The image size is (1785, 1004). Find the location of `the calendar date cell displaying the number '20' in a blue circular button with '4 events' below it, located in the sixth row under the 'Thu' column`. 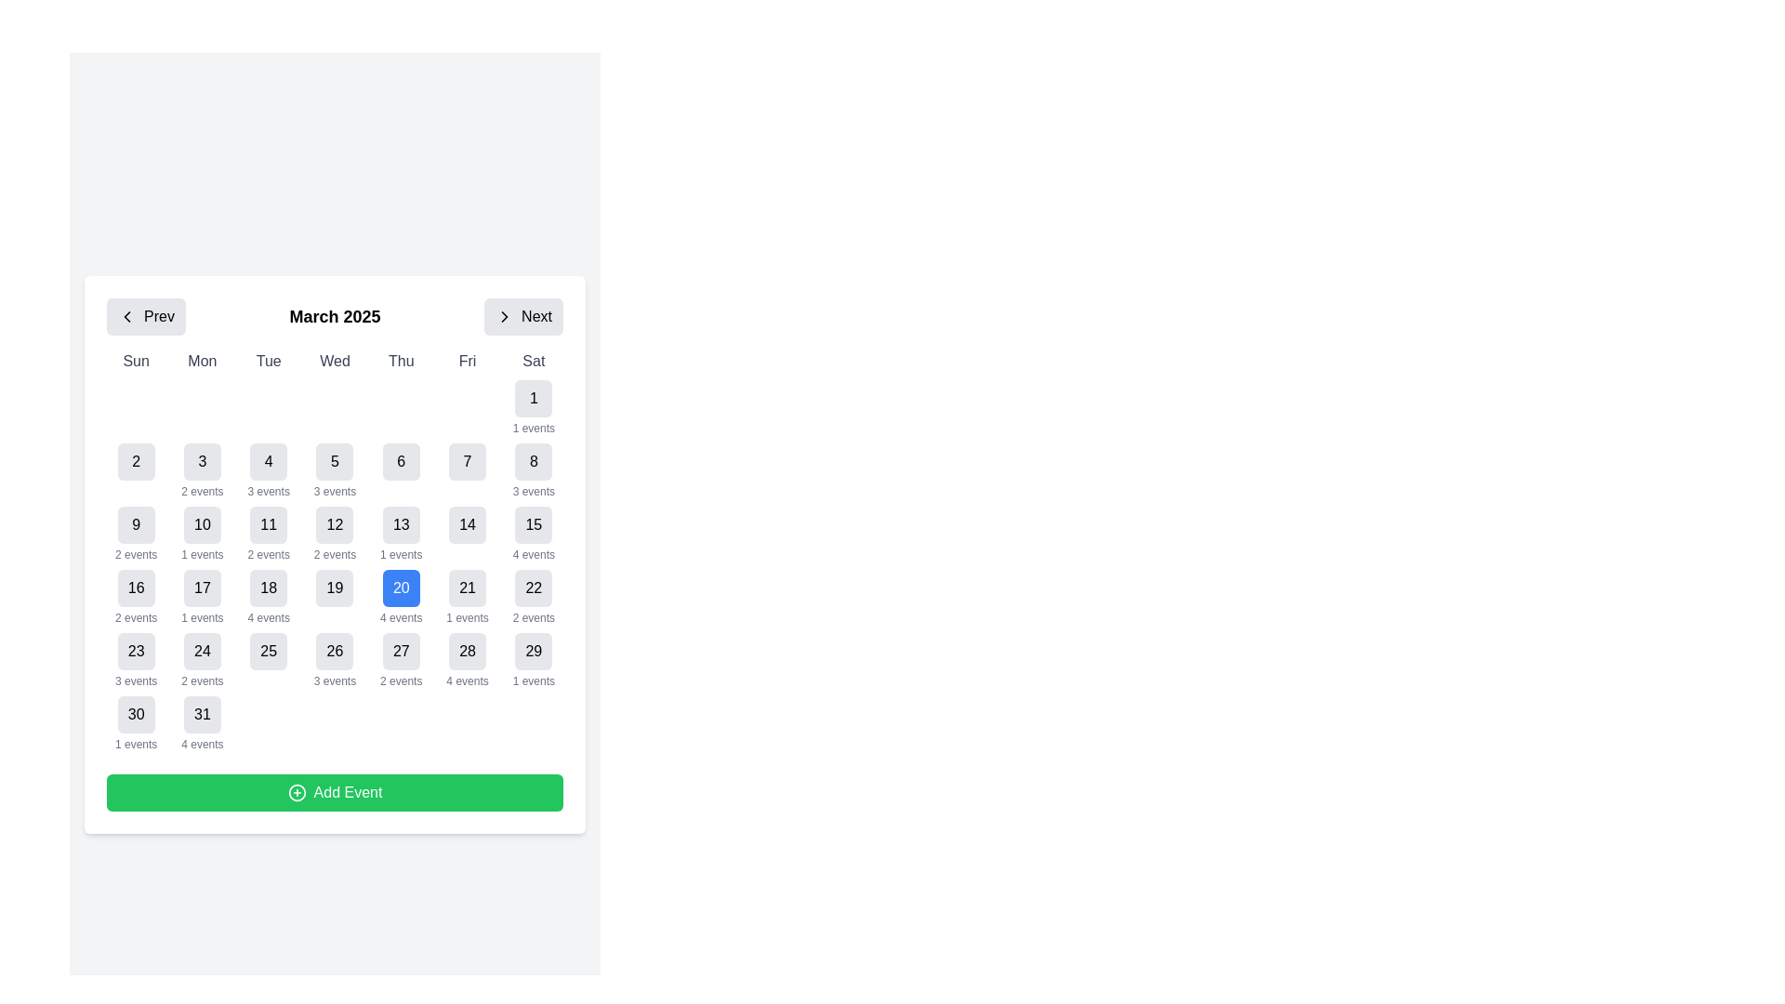

the calendar date cell displaying the number '20' in a blue circular button with '4 events' below it, located in the sixth row under the 'Thu' column is located at coordinates (400, 598).